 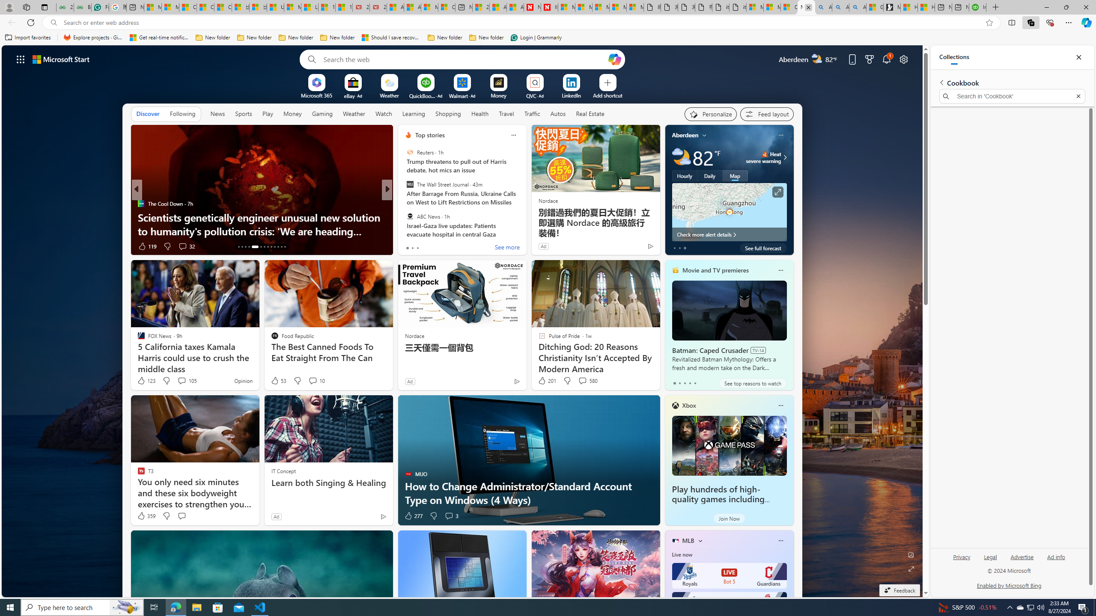 I want to click on 'Exit search', so click(x=1078, y=95).